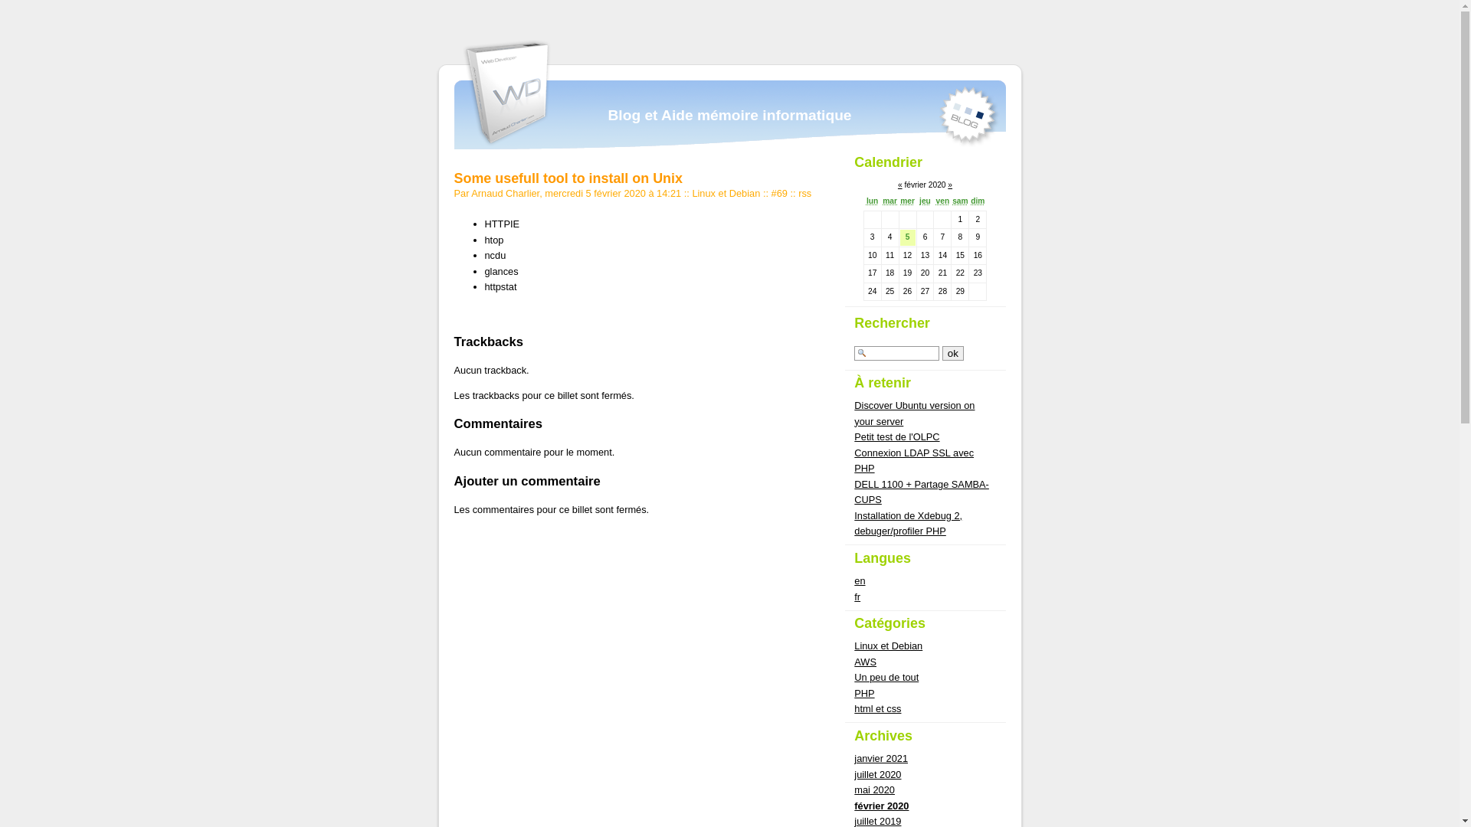 The image size is (1471, 827). Describe the element at coordinates (908, 237) in the screenshot. I see `'5'` at that location.